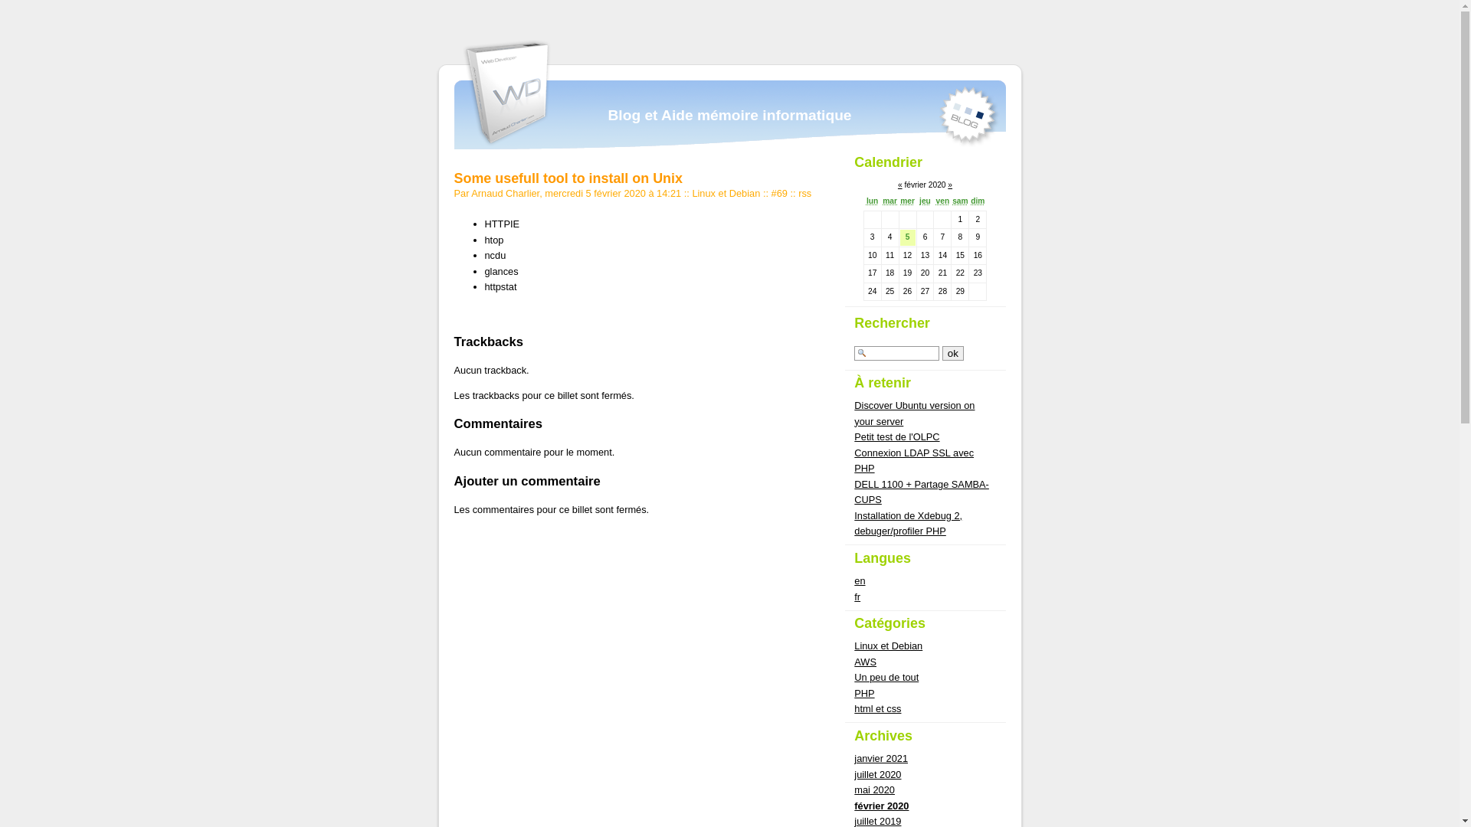 The image size is (1471, 827). Describe the element at coordinates (908, 237) in the screenshot. I see `'5'` at that location.